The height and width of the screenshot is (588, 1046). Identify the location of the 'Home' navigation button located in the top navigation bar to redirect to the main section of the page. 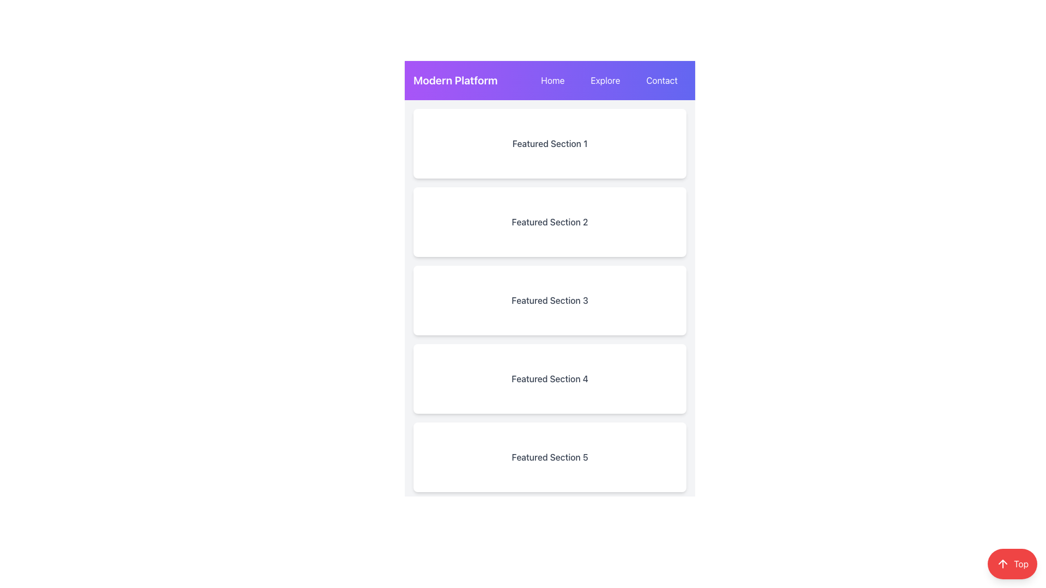
(552, 79).